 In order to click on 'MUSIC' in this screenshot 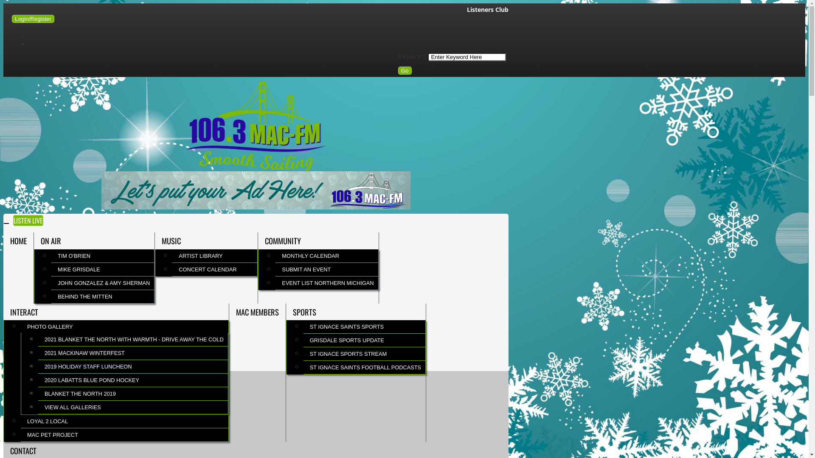, I will do `click(155, 240)`.